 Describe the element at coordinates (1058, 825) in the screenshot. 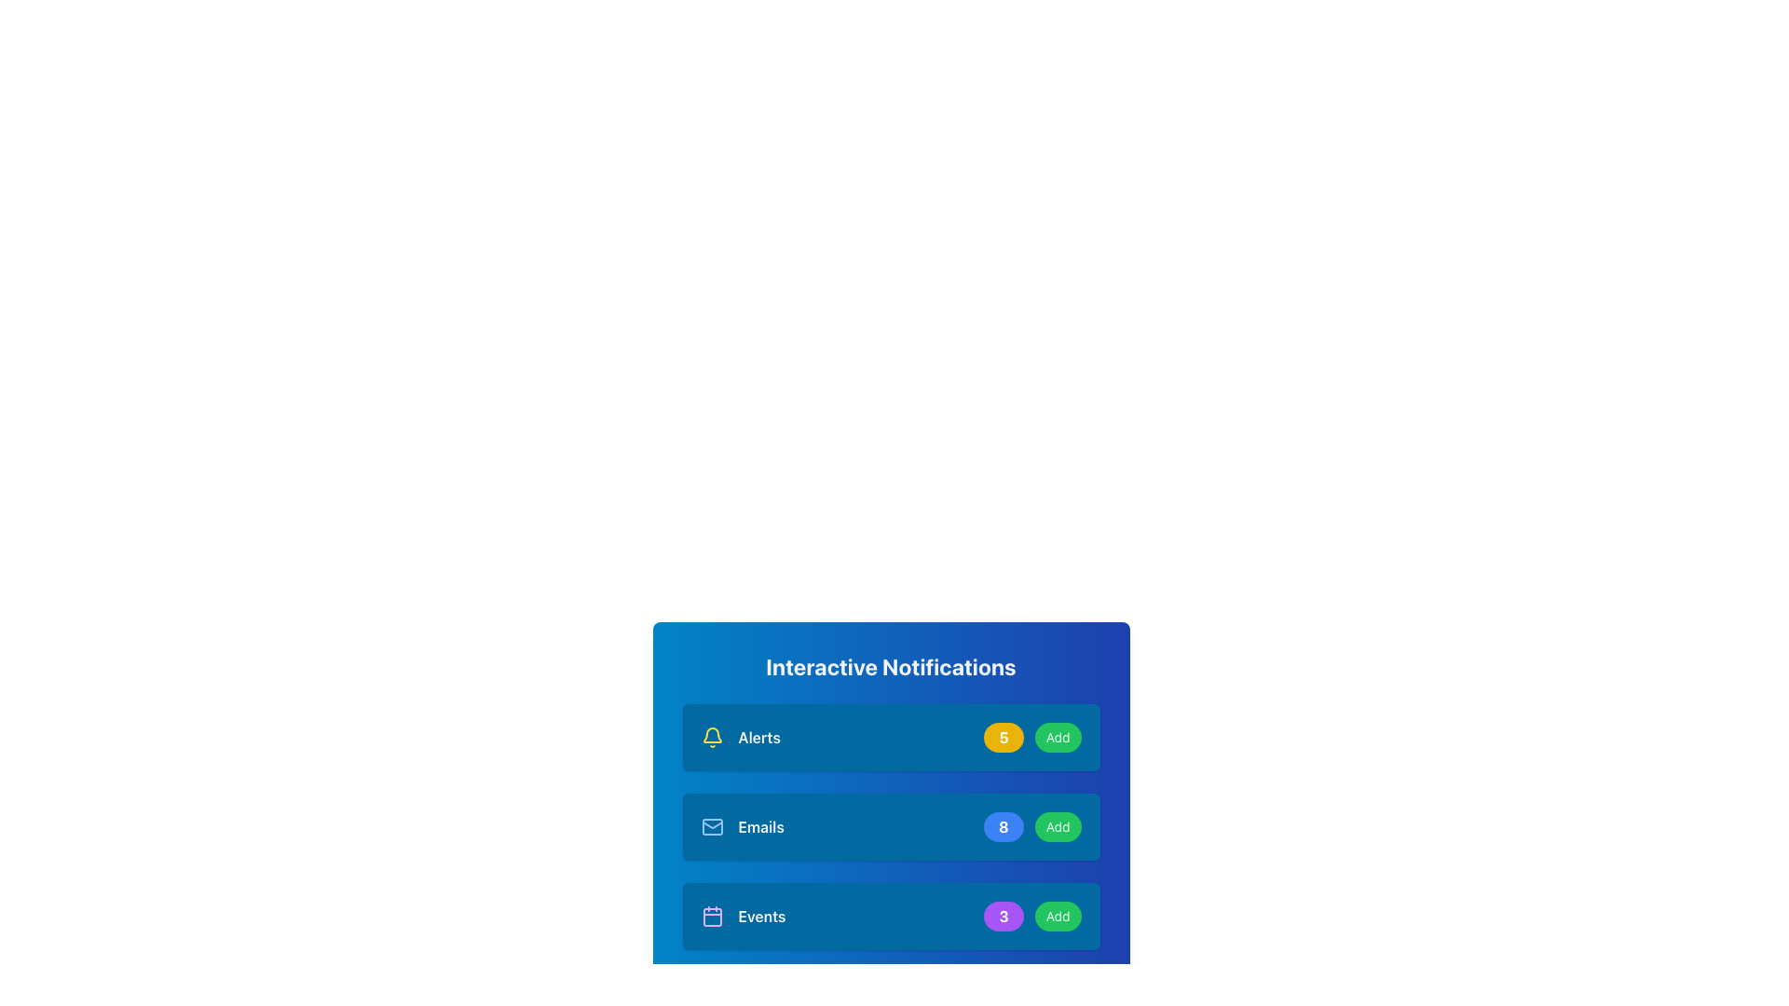

I see `the button located in the 'Emails' section of the 'Interactive Notifications' area, positioned to the right of the blue circular element displaying '8'` at that location.